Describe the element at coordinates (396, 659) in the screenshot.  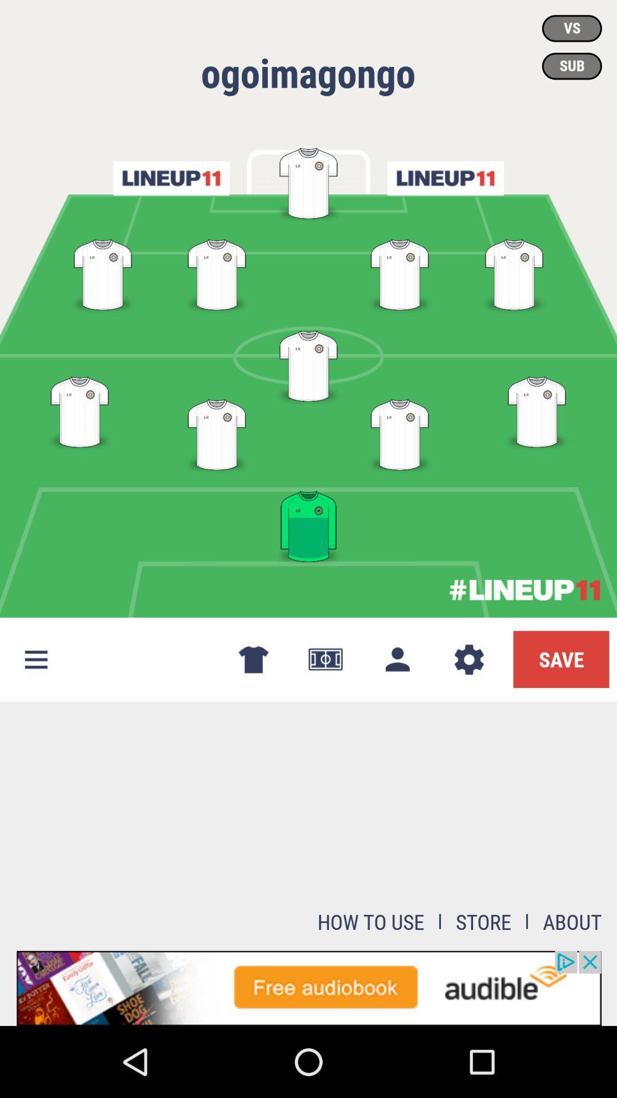
I see `the avatar icon` at that location.